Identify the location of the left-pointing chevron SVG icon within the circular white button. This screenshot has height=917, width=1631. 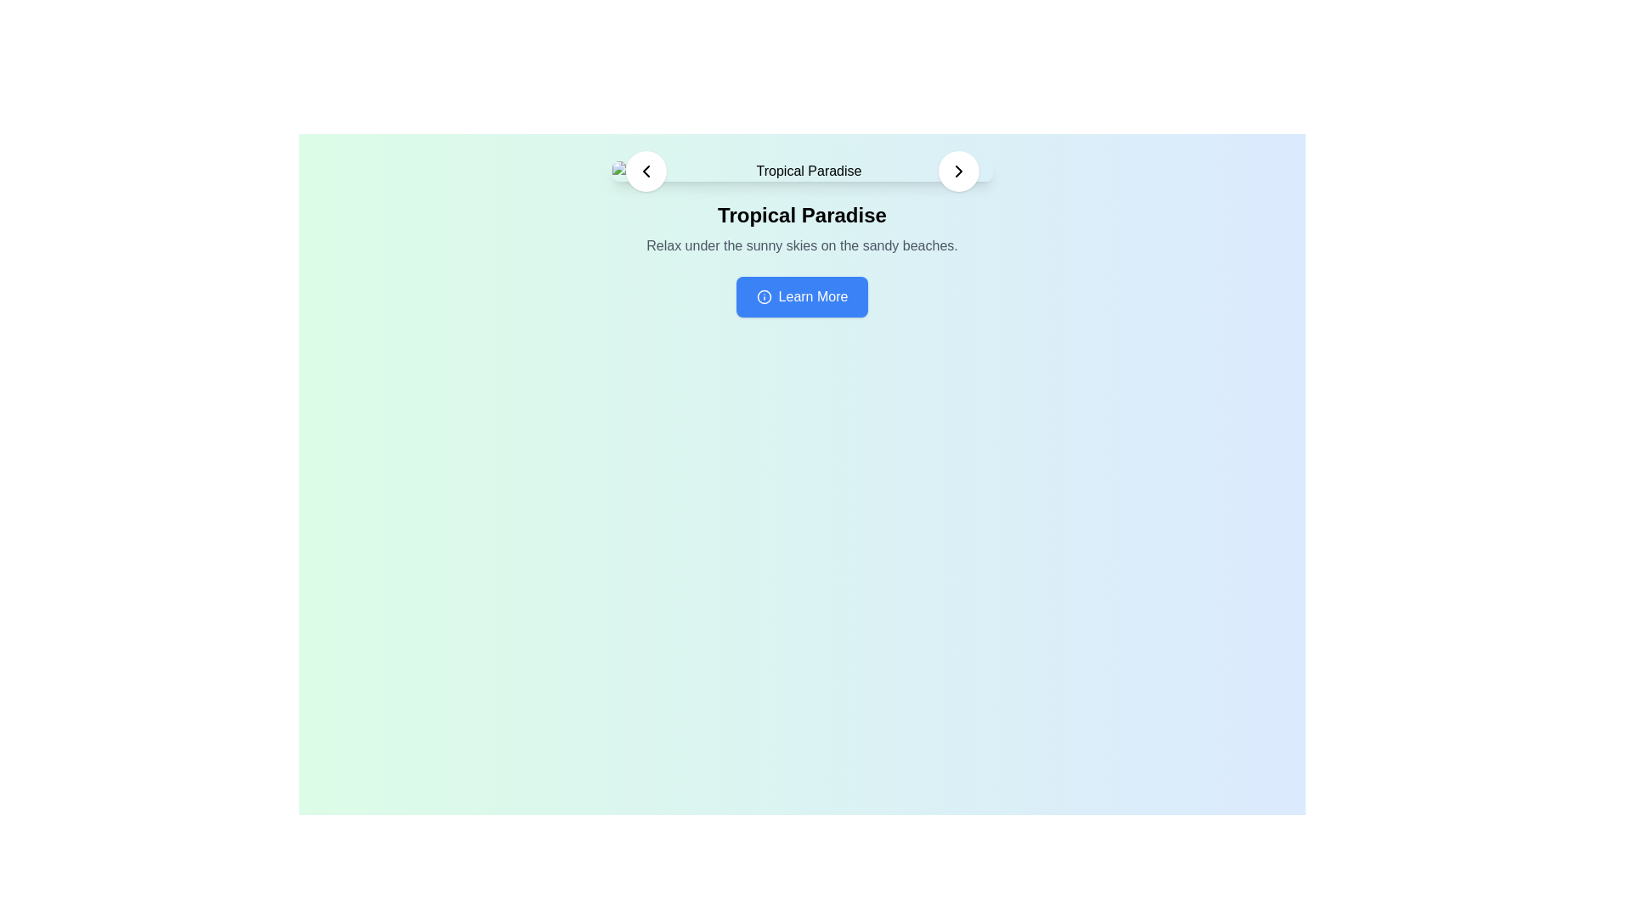
(645, 171).